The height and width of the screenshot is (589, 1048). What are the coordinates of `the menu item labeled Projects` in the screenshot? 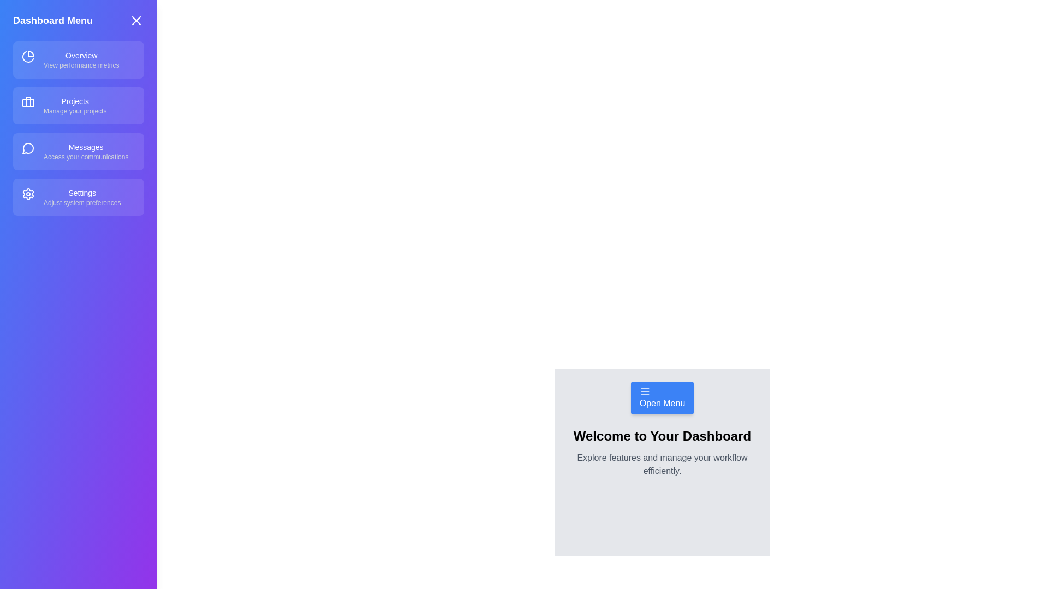 It's located at (78, 105).